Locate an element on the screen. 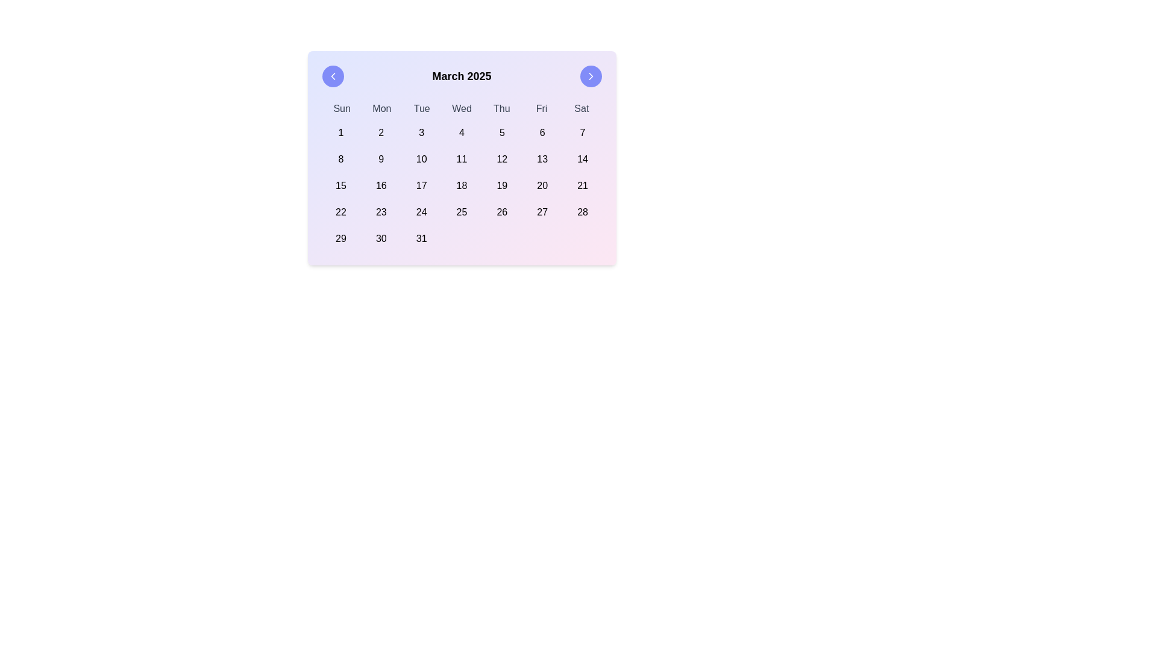 The height and width of the screenshot is (650, 1157). the button labeled '7' with rounded corners in the calendar grid to change its appearance is located at coordinates (583, 132).